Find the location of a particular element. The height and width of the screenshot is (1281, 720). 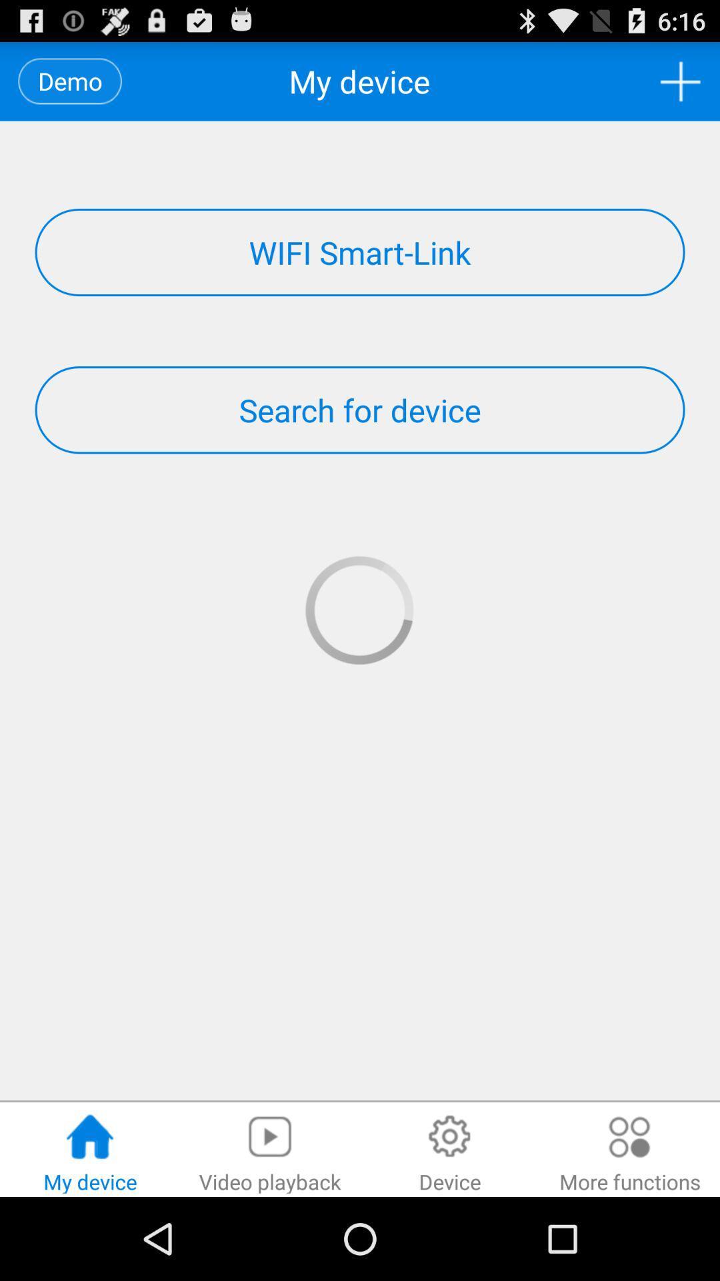

click +button is located at coordinates (680, 81).